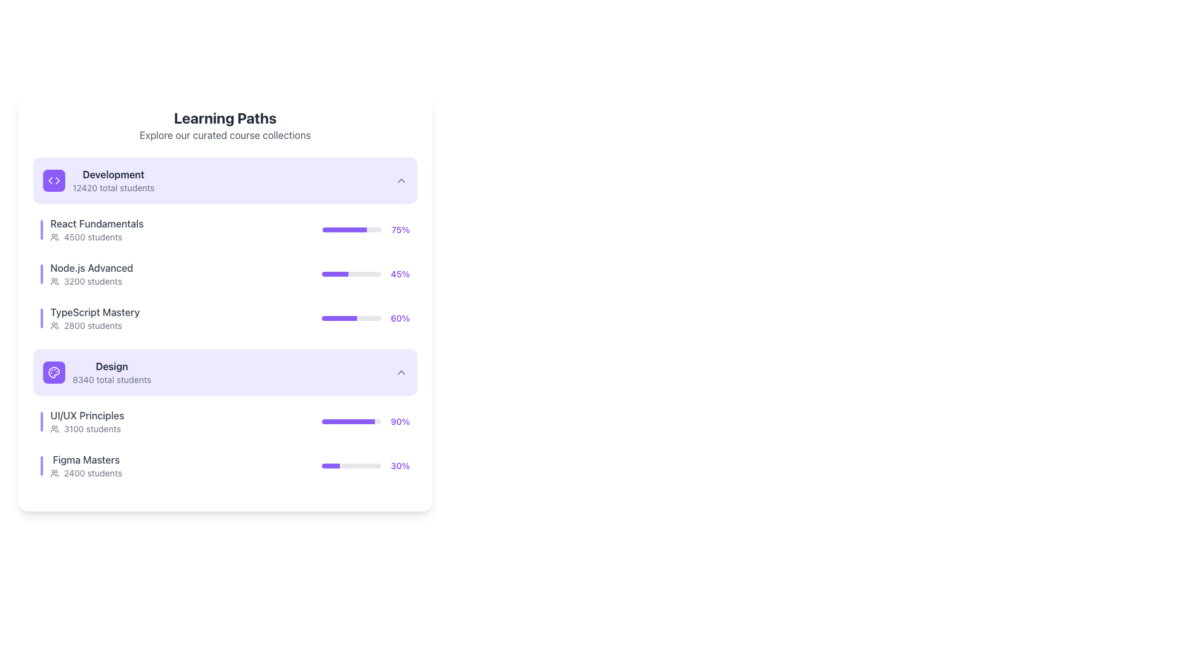  I want to click on the 'Development' labeled information block, so click(98, 180).